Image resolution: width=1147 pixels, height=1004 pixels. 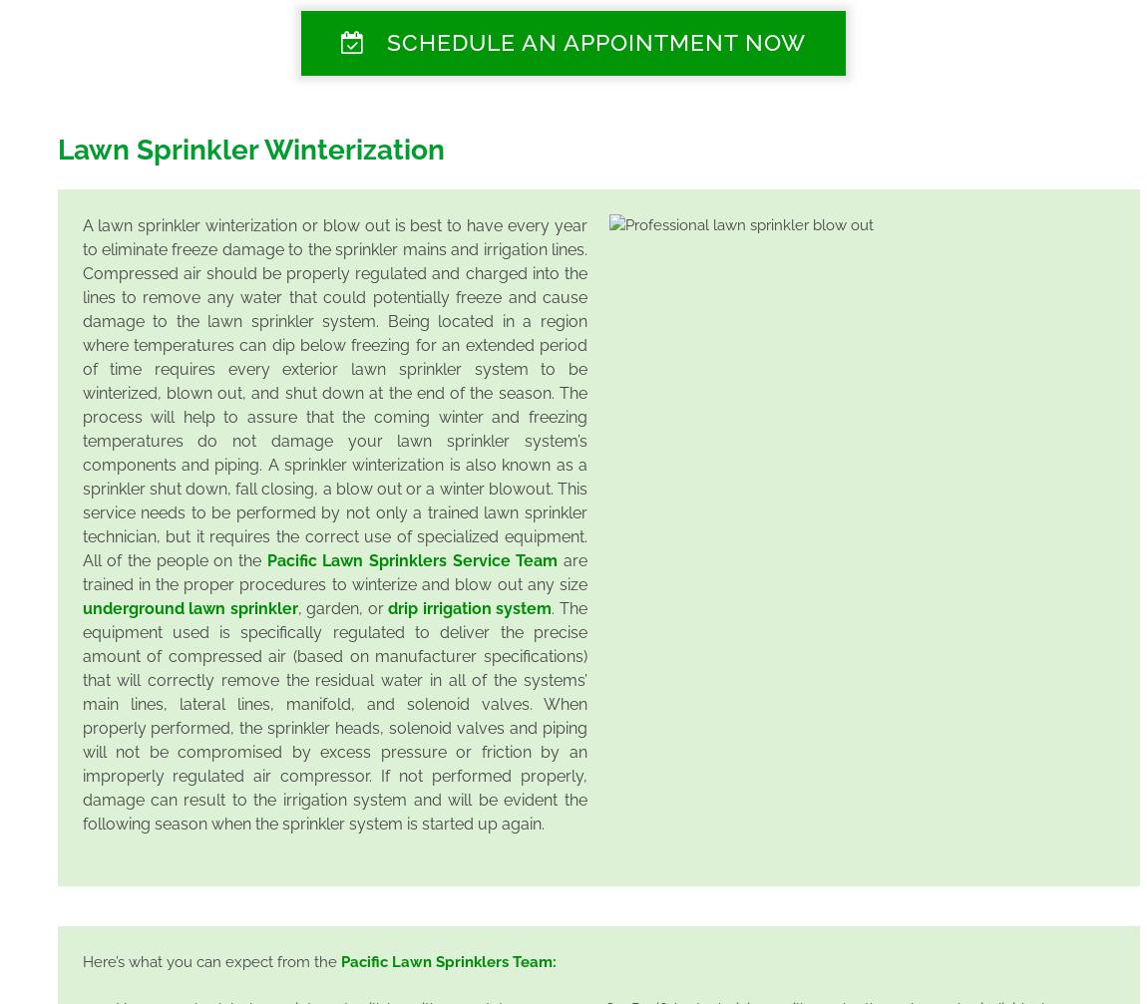 I want to click on 'Lawn Sprinkler Winterization', so click(x=249, y=149).